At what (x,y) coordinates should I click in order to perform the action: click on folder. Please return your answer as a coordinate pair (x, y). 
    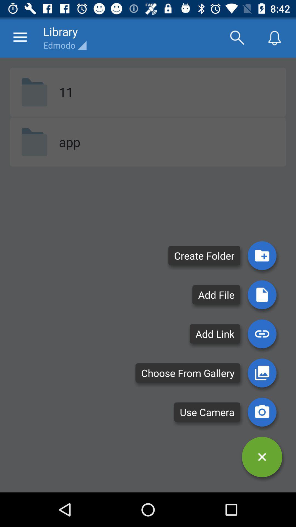
    Looking at the image, I should click on (262, 255).